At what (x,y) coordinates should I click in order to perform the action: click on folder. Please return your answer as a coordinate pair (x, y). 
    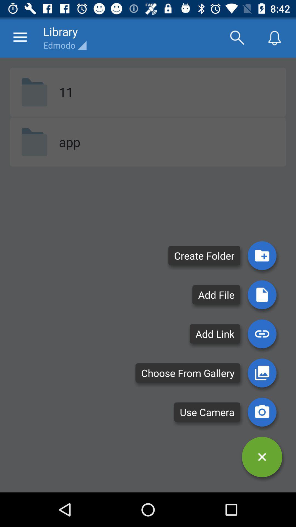
    Looking at the image, I should click on (262, 255).